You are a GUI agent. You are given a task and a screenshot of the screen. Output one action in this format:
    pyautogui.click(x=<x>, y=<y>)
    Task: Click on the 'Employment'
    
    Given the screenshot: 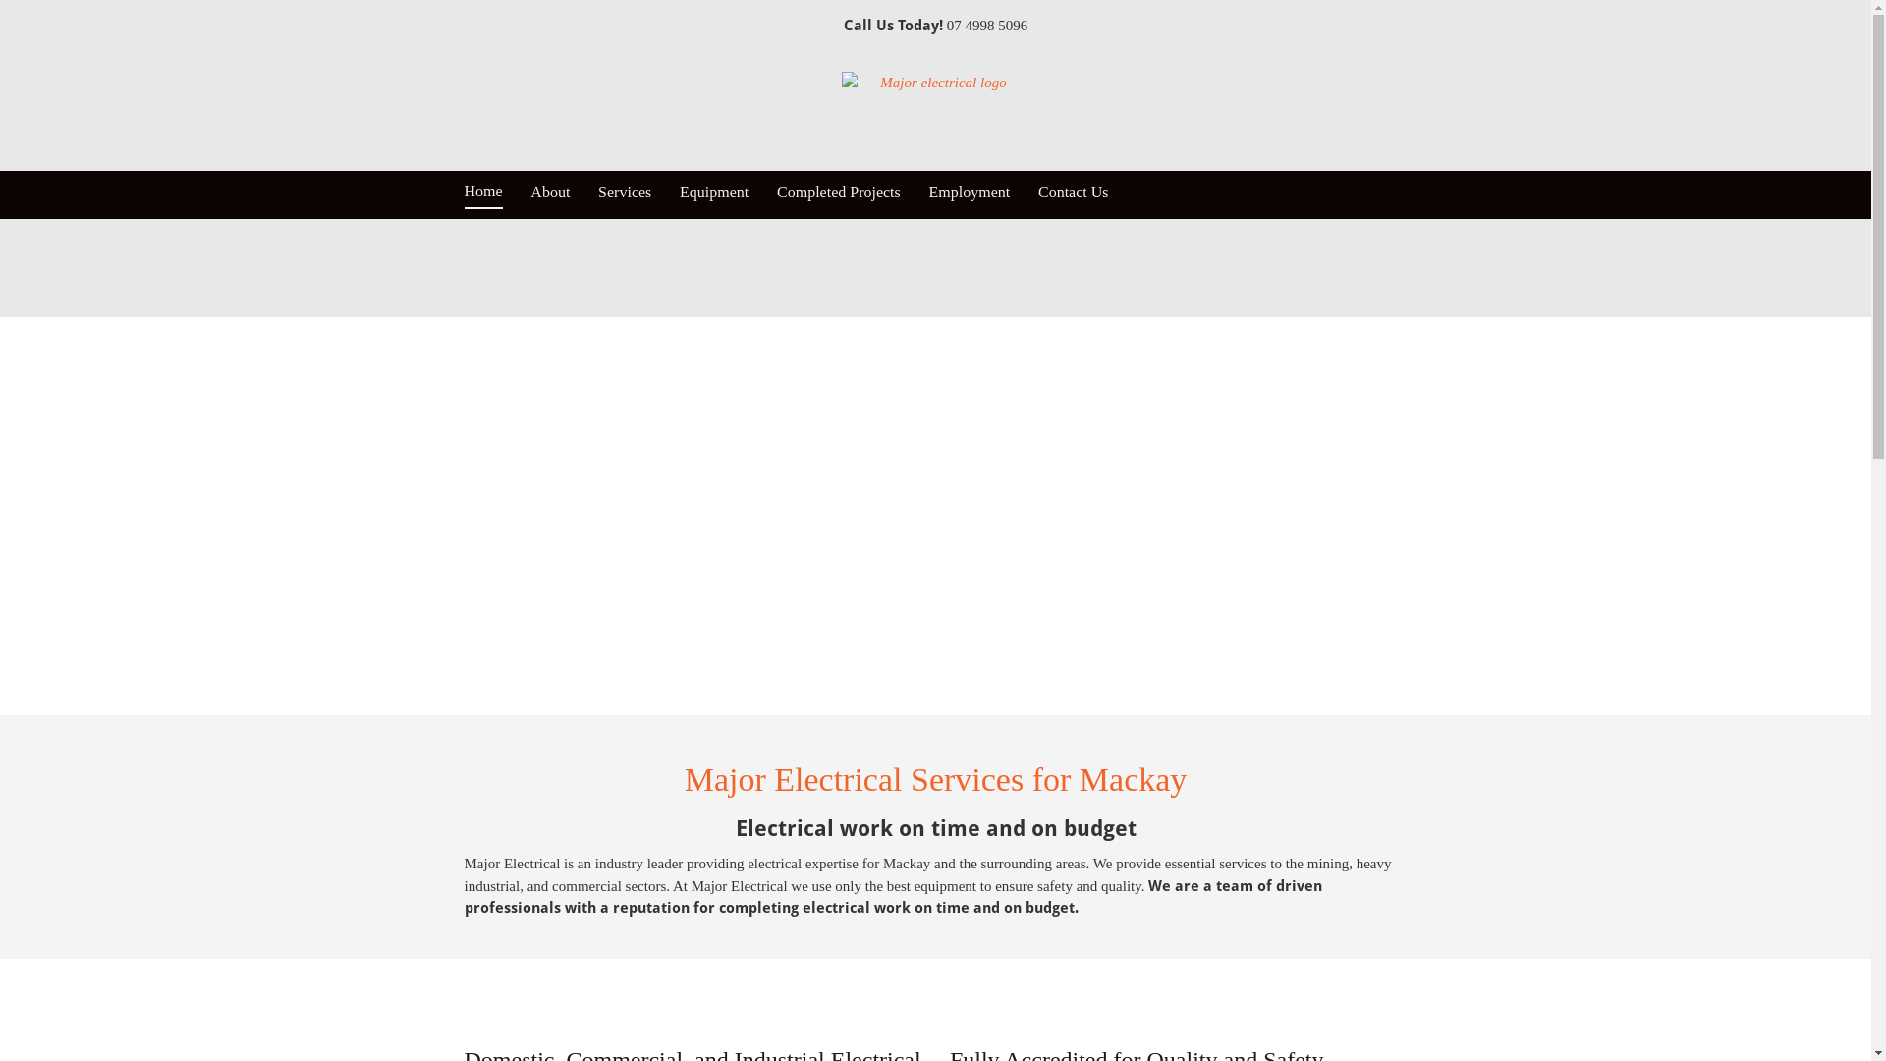 What is the action you would take?
    pyautogui.click(x=970, y=194)
    